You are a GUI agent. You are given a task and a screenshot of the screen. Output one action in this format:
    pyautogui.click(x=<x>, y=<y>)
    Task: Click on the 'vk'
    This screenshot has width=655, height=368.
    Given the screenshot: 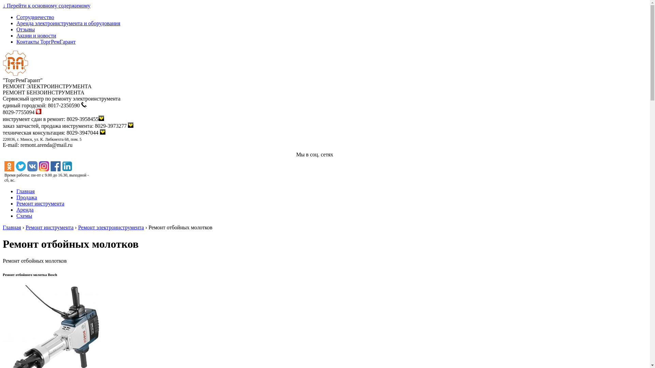 What is the action you would take?
    pyautogui.click(x=32, y=166)
    